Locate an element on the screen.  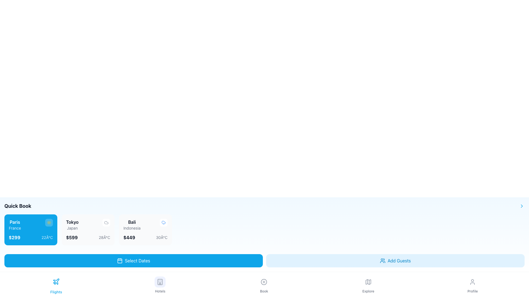
the 'Hotels' button located in the navigation bar at the bottom of the interface is located at coordinates (160, 282).